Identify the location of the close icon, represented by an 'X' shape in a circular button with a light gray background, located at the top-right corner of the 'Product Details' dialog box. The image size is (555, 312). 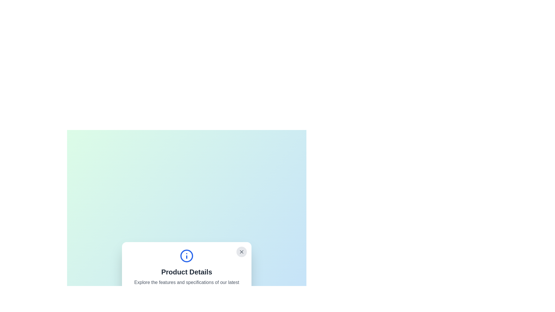
(241, 251).